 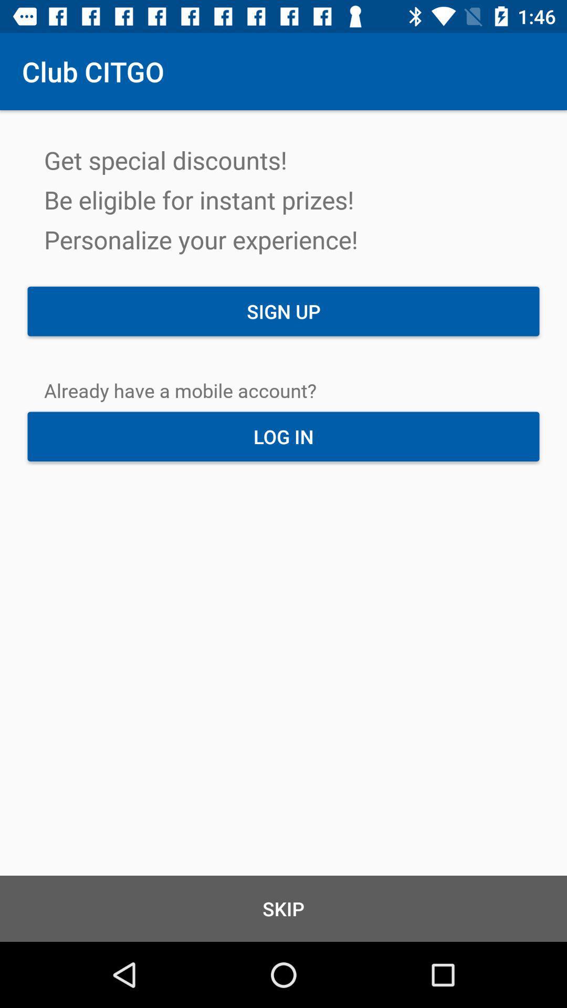 What do you see at coordinates (283, 311) in the screenshot?
I see `the item above the already have a item` at bounding box center [283, 311].